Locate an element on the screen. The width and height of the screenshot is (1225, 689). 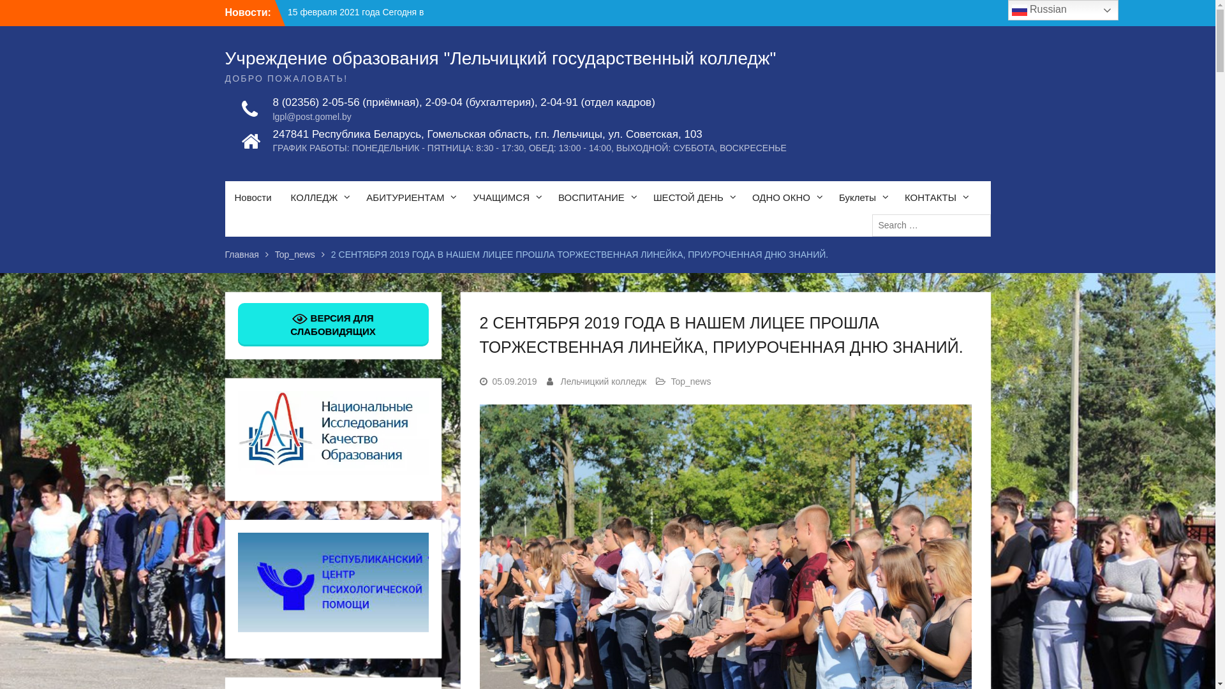
'Russian' is located at coordinates (1063, 10).